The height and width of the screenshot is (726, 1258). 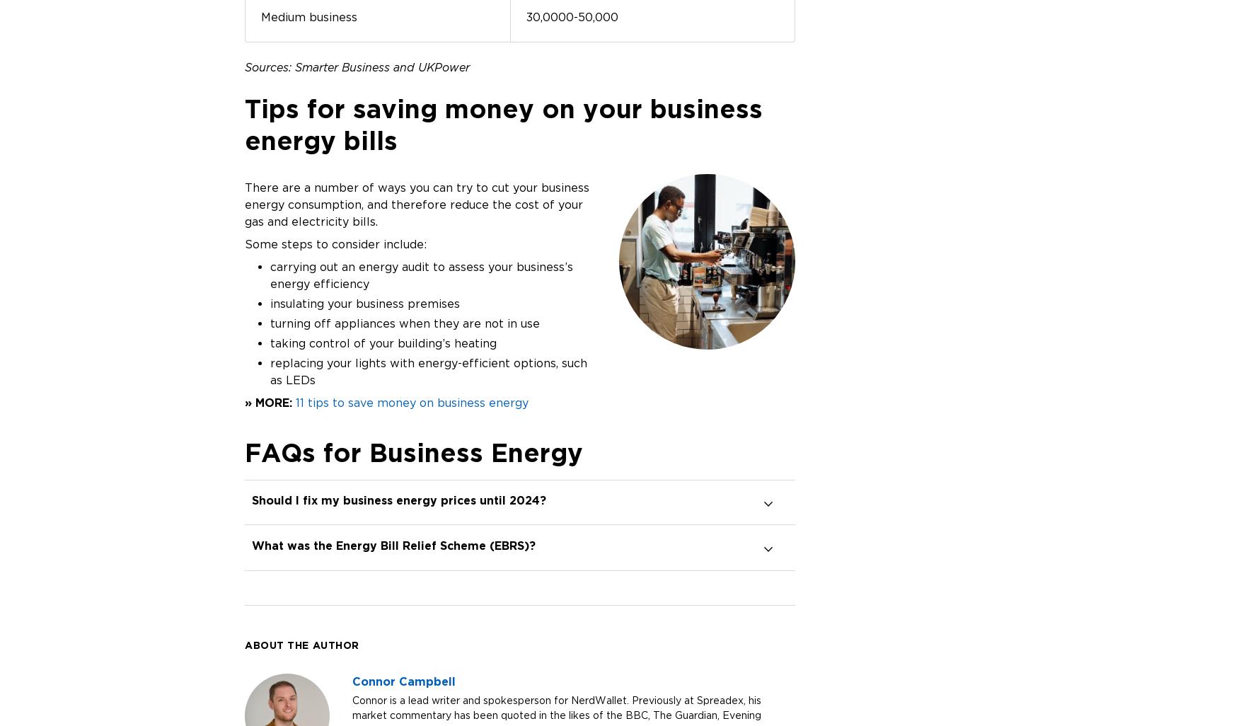 What do you see at coordinates (411, 401) in the screenshot?
I see `'11 tips to save money on business energy'` at bounding box center [411, 401].